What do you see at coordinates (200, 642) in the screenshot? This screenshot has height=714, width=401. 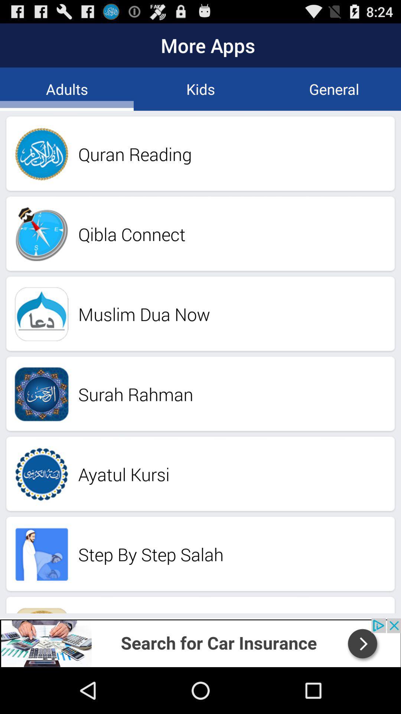 I see `advertisement` at bounding box center [200, 642].